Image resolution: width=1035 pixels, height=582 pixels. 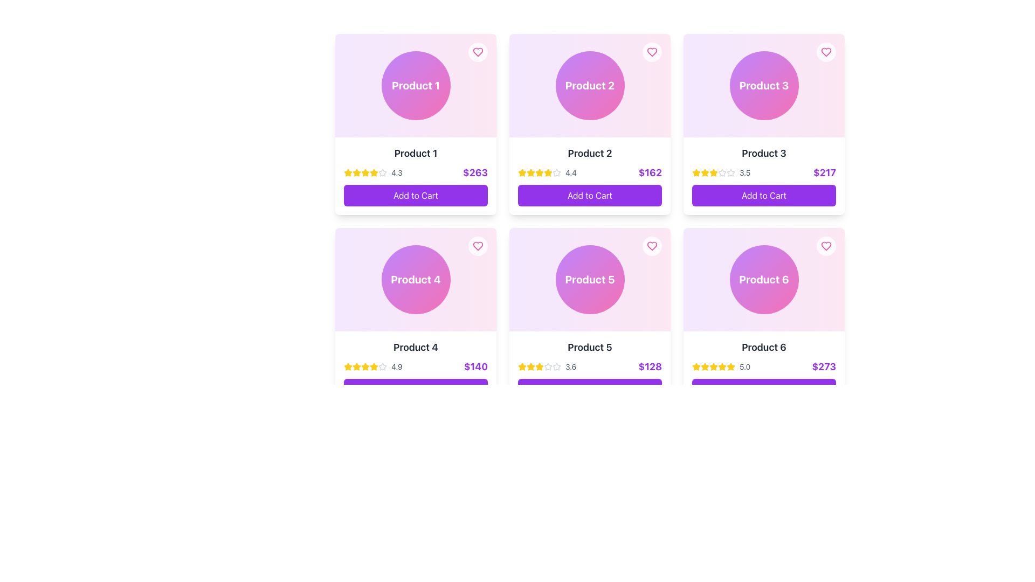 What do you see at coordinates (540, 172) in the screenshot?
I see `the fourth yellow filled star icon in the rating component below 'Product 2' and the rating score '4.4'` at bounding box center [540, 172].